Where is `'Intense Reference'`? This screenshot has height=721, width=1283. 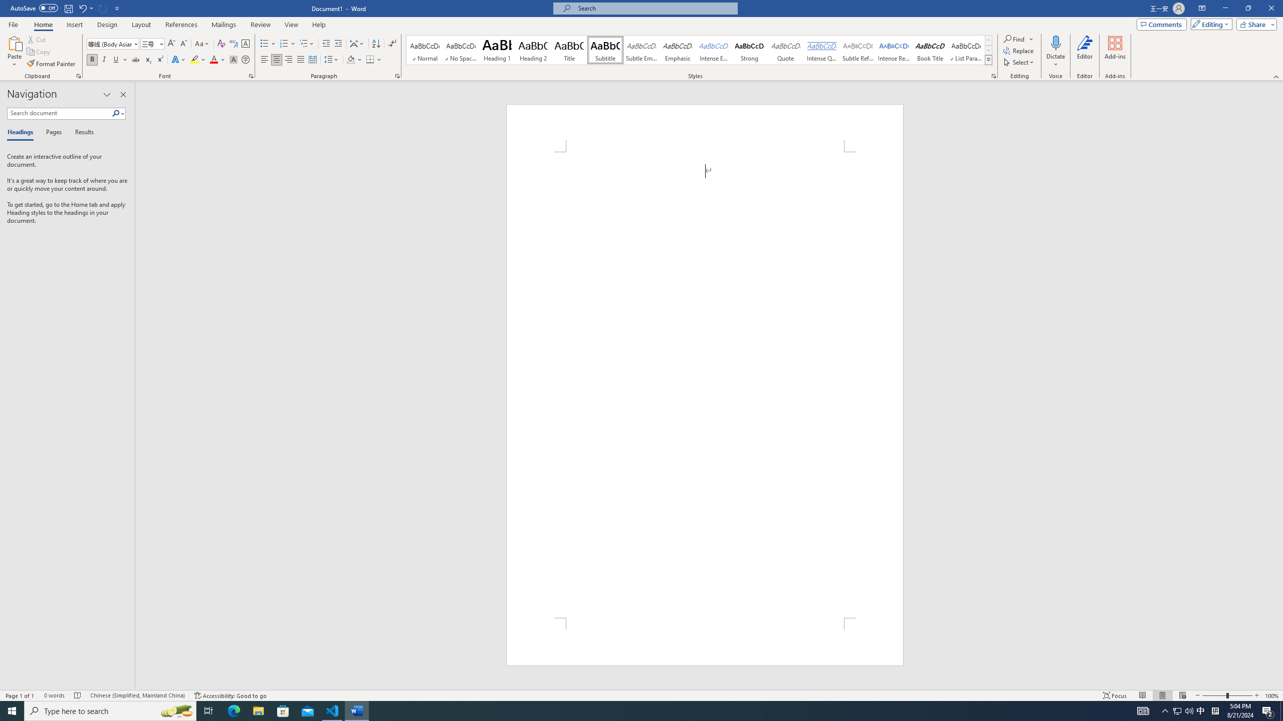 'Intense Reference' is located at coordinates (894, 50).